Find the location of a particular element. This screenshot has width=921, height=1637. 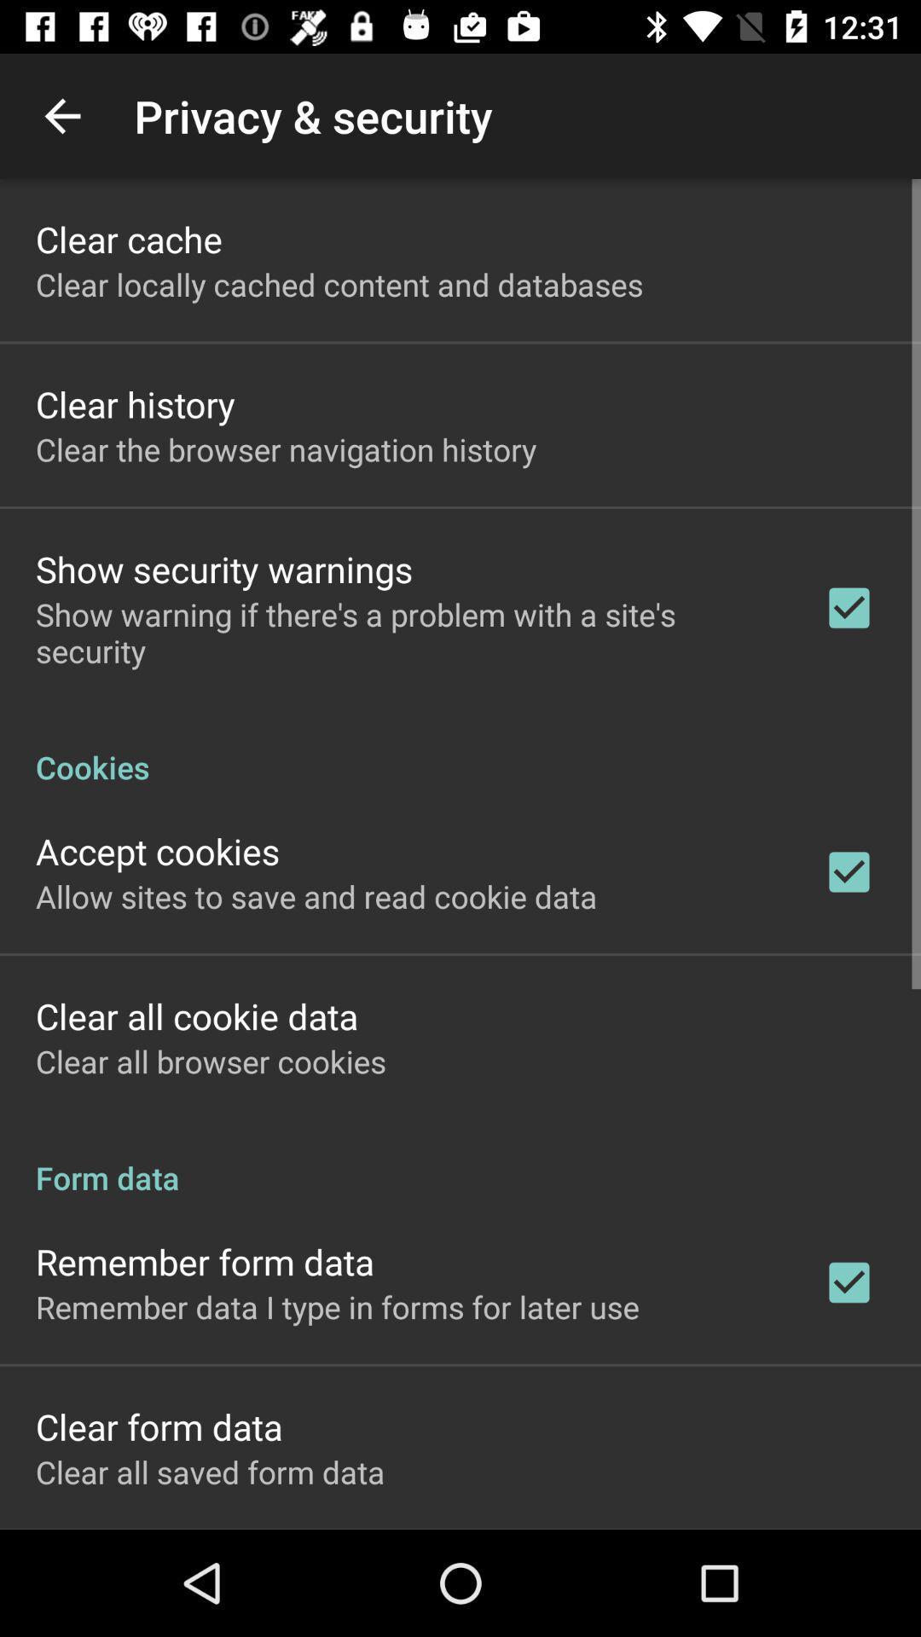

show warning if icon is located at coordinates (407, 632).